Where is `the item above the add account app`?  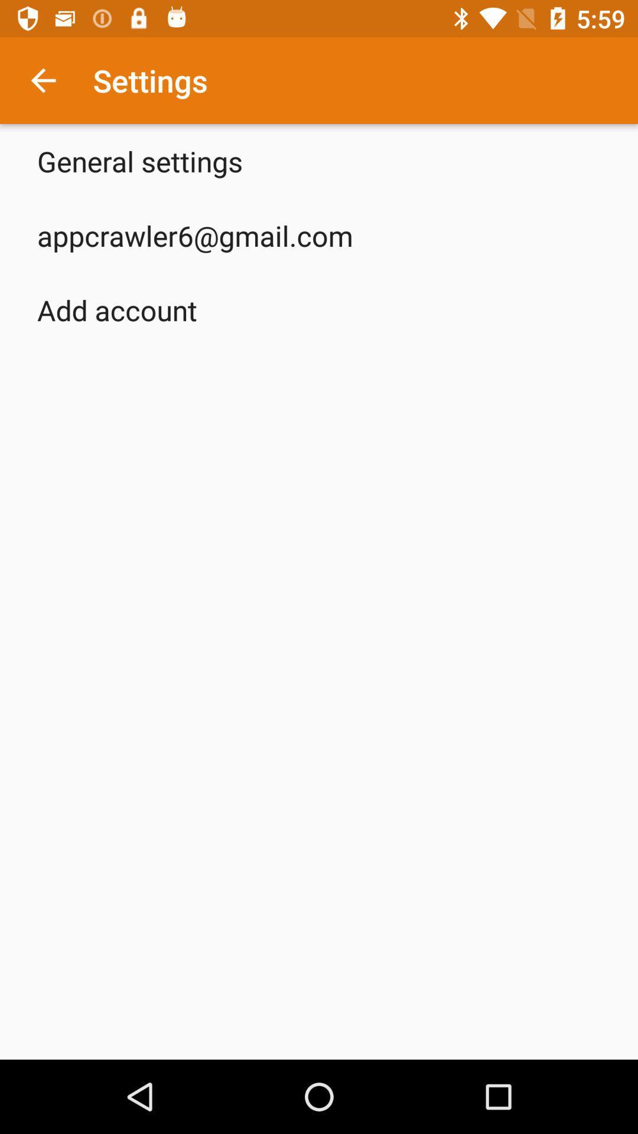 the item above the add account app is located at coordinates (194, 235).